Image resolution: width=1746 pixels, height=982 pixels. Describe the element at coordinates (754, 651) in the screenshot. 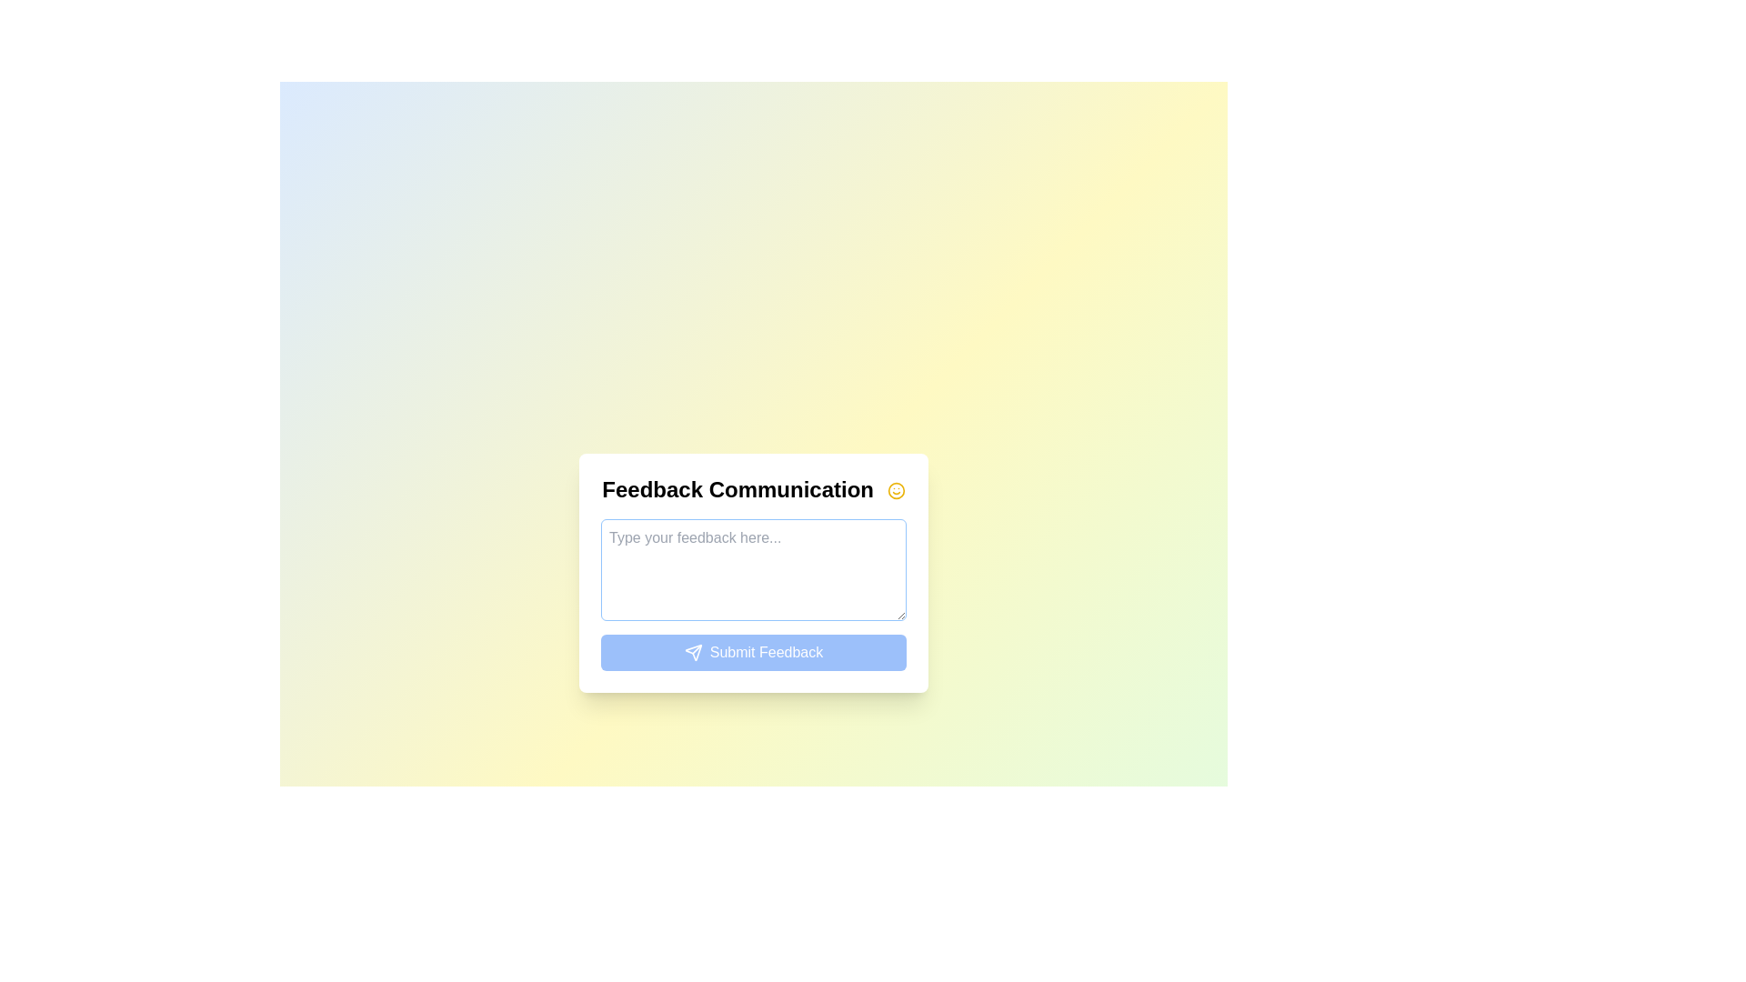

I see `the 'Submit Feedback' button, which is a horizontally wide rectangular button with a blue background and white text, to trigger the hover effect` at that location.